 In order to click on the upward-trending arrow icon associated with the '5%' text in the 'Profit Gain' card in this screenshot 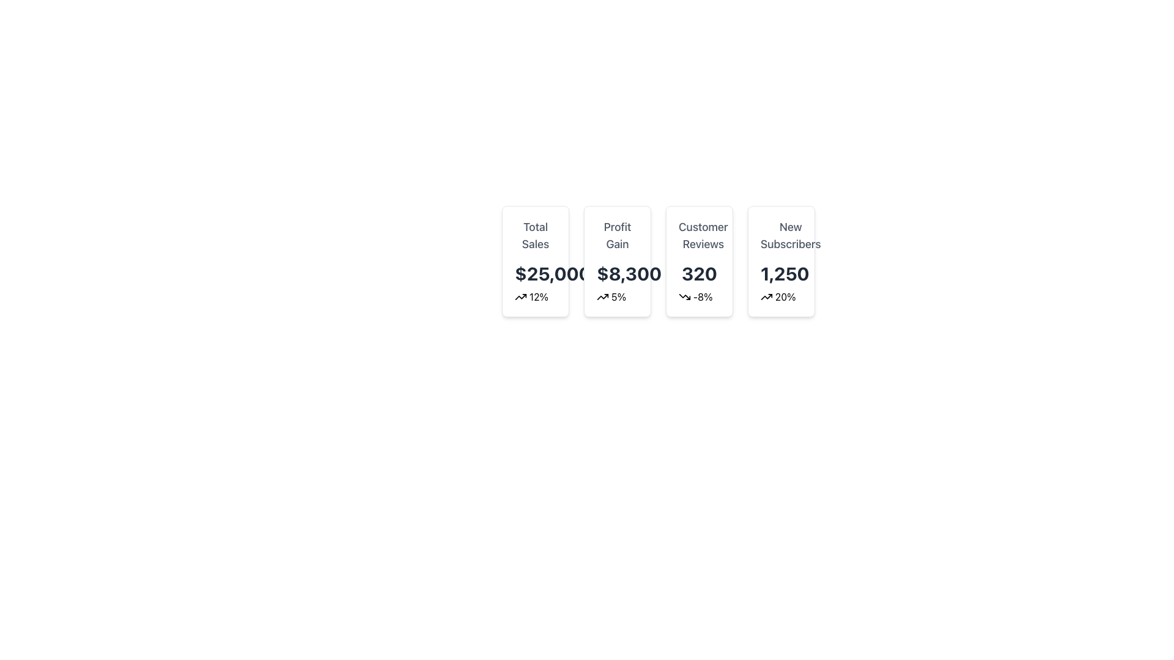, I will do `click(602, 297)`.